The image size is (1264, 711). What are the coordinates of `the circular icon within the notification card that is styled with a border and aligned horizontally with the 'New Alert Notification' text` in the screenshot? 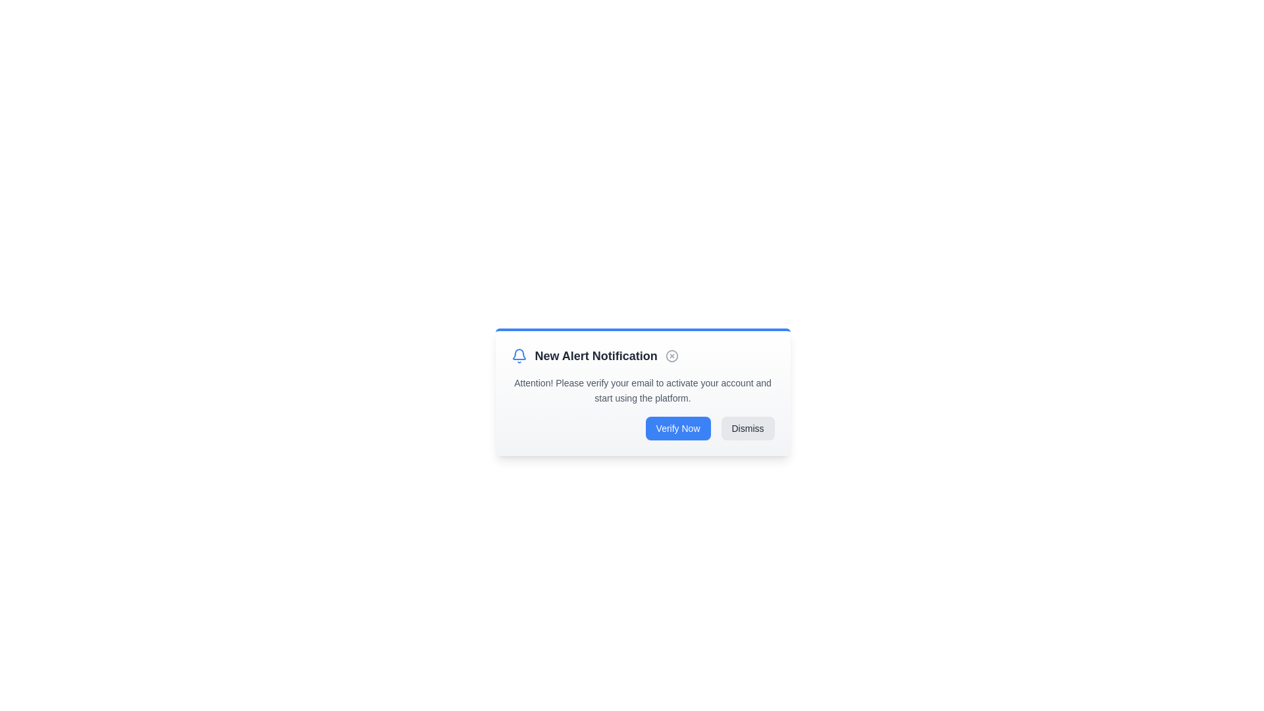 It's located at (671, 355).